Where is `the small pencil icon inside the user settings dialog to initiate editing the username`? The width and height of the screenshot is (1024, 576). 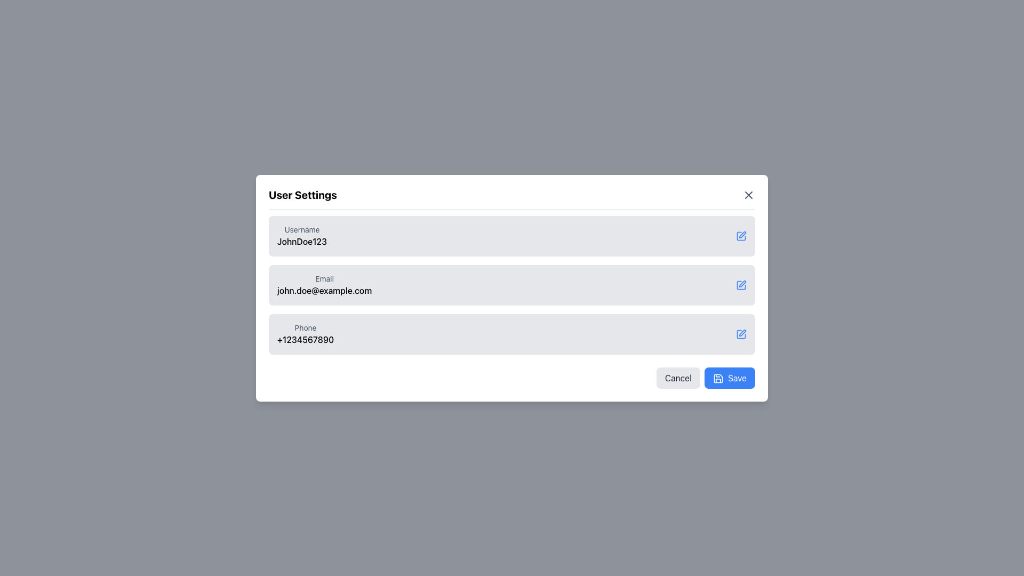
the small pencil icon inside the user settings dialog to initiate editing the username is located at coordinates (742, 234).